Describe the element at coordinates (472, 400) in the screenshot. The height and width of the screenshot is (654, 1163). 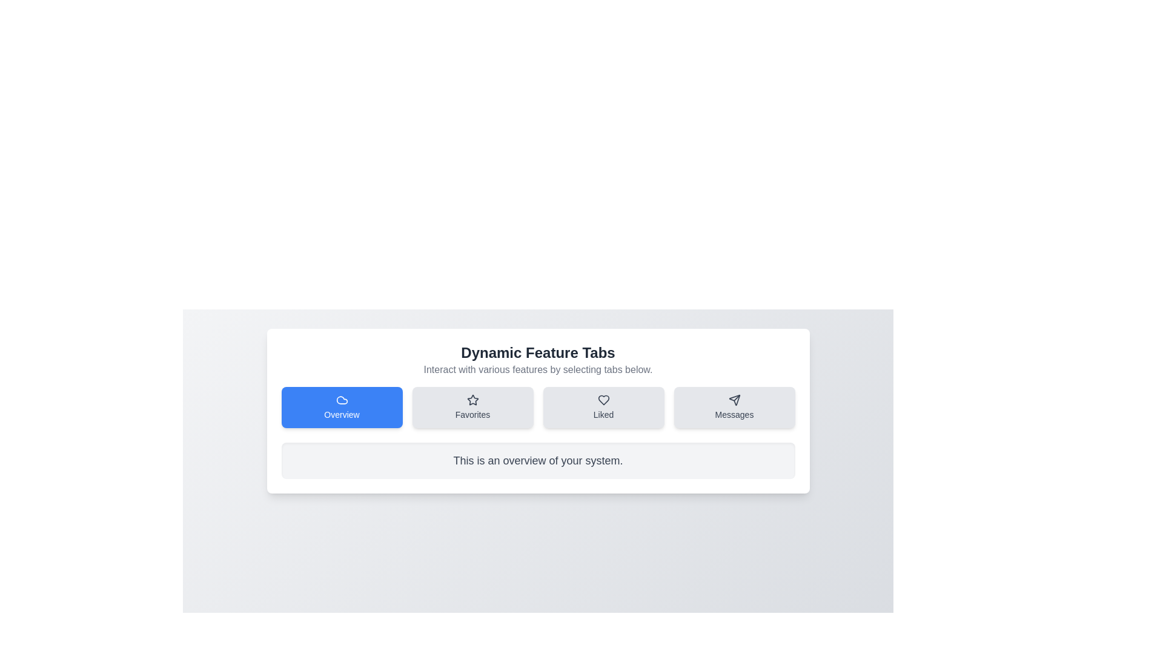
I see `the star-shaped icon representing the 'Favorites' tab located within the horizontal tab group` at that location.